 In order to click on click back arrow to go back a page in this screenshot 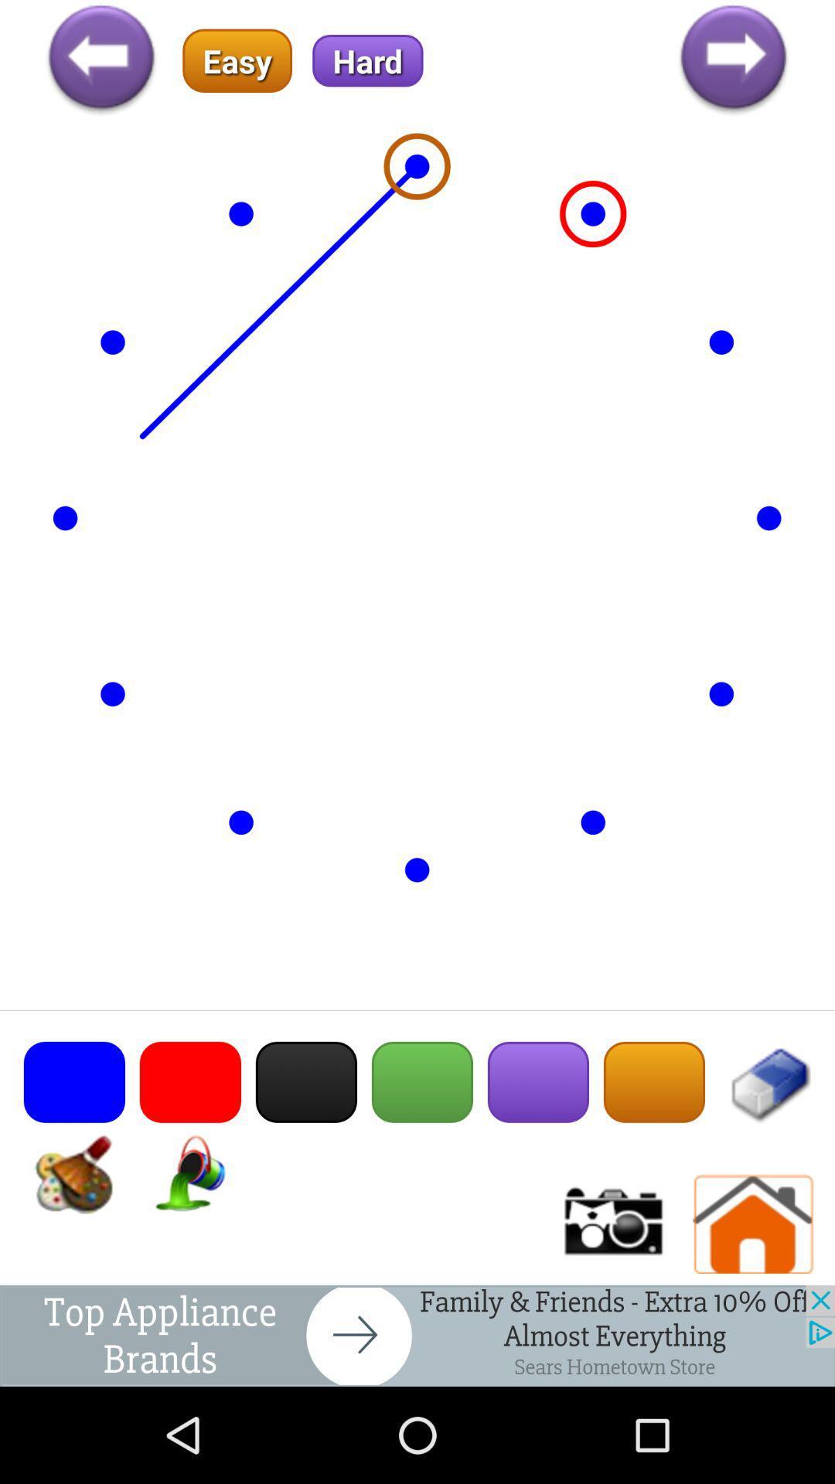, I will do `click(101, 60)`.